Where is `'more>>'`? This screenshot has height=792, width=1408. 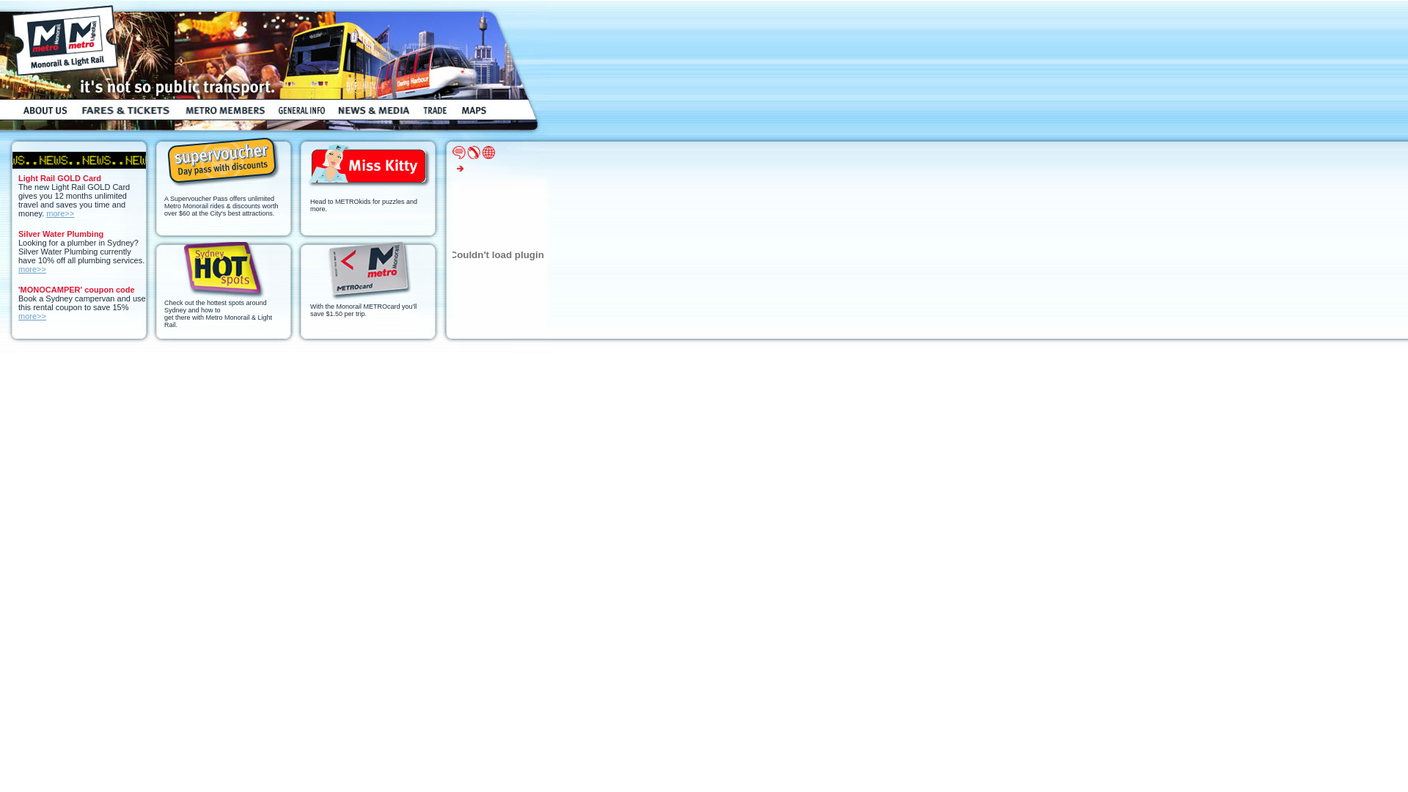
'more>>' is located at coordinates (32, 268).